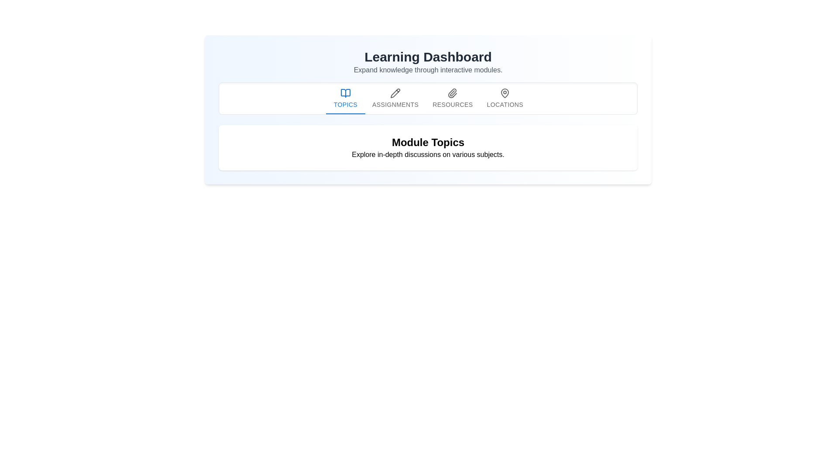 Image resolution: width=838 pixels, height=471 pixels. What do you see at coordinates (428, 142) in the screenshot?
I see `text header that displays 'Module Topics', which is bold and prominently positioned near the top of the interface` at bounding box center [428, 142].